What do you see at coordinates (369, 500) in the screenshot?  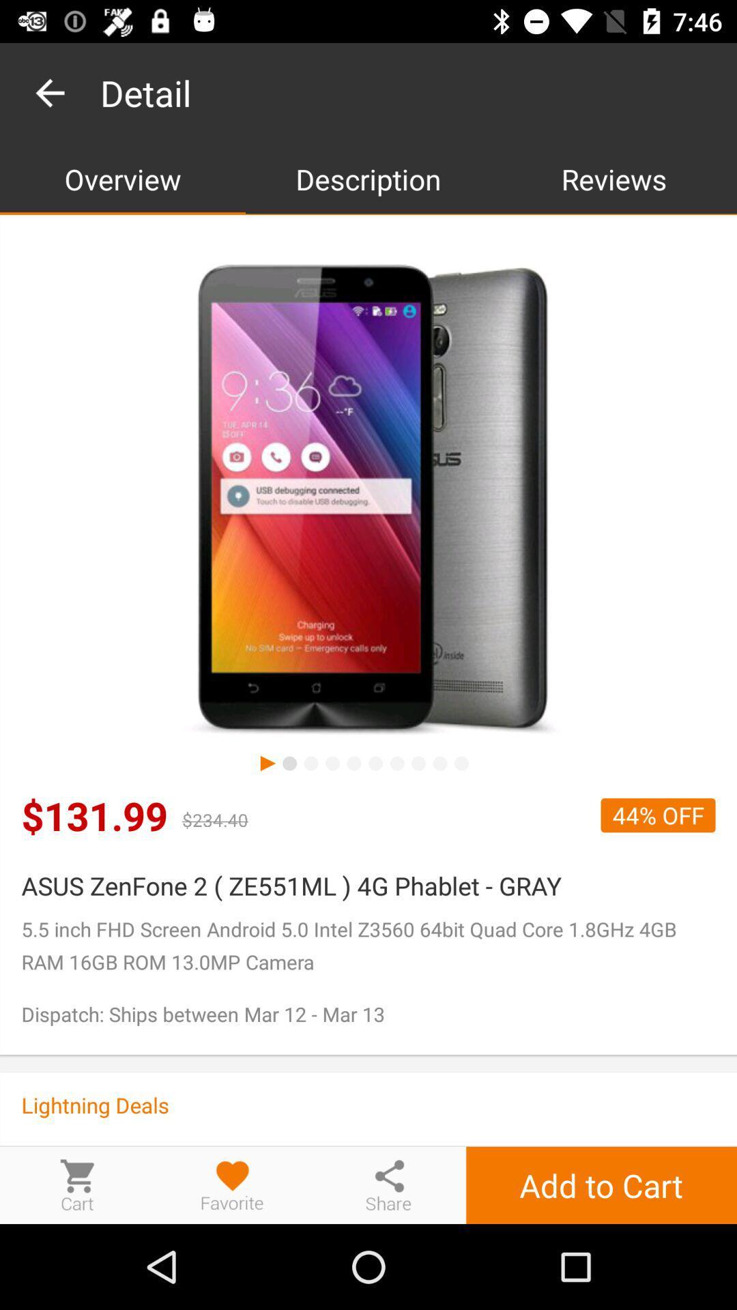 I see `enlarges photo` at bounding box center [369, 500].